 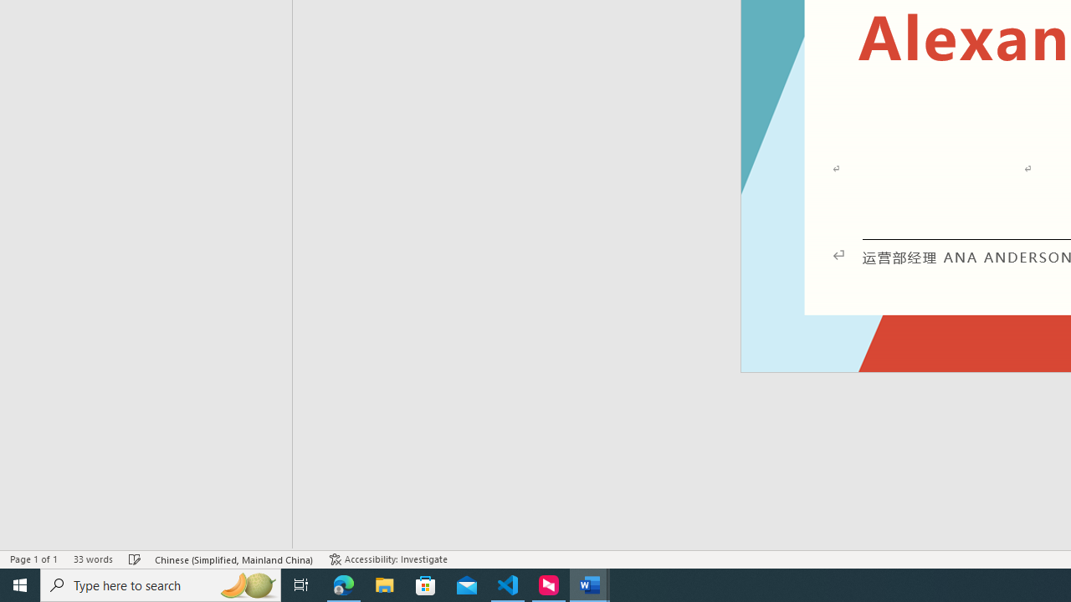 What do you see at coordinates (135, 559) in the screenshot?
I see `'Spelling and Grammar Check Checking'` at bounding box center [135, 559].